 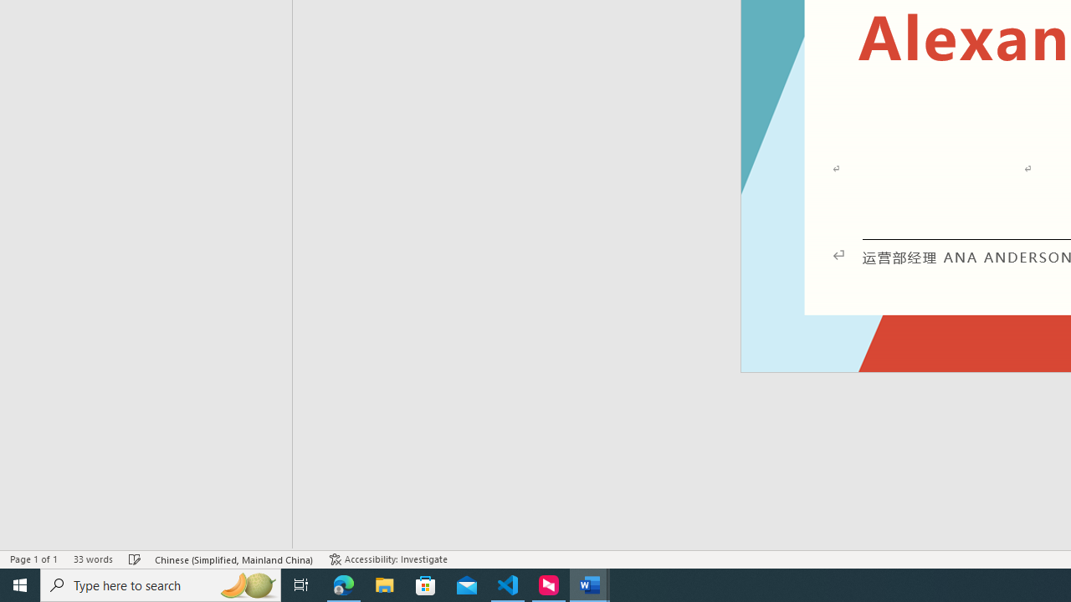 What do you see at coordinates (135, 559) in the screenshot?
I see `'Spelling and Grammar Check Checking'` at bounding box center [135, 559].